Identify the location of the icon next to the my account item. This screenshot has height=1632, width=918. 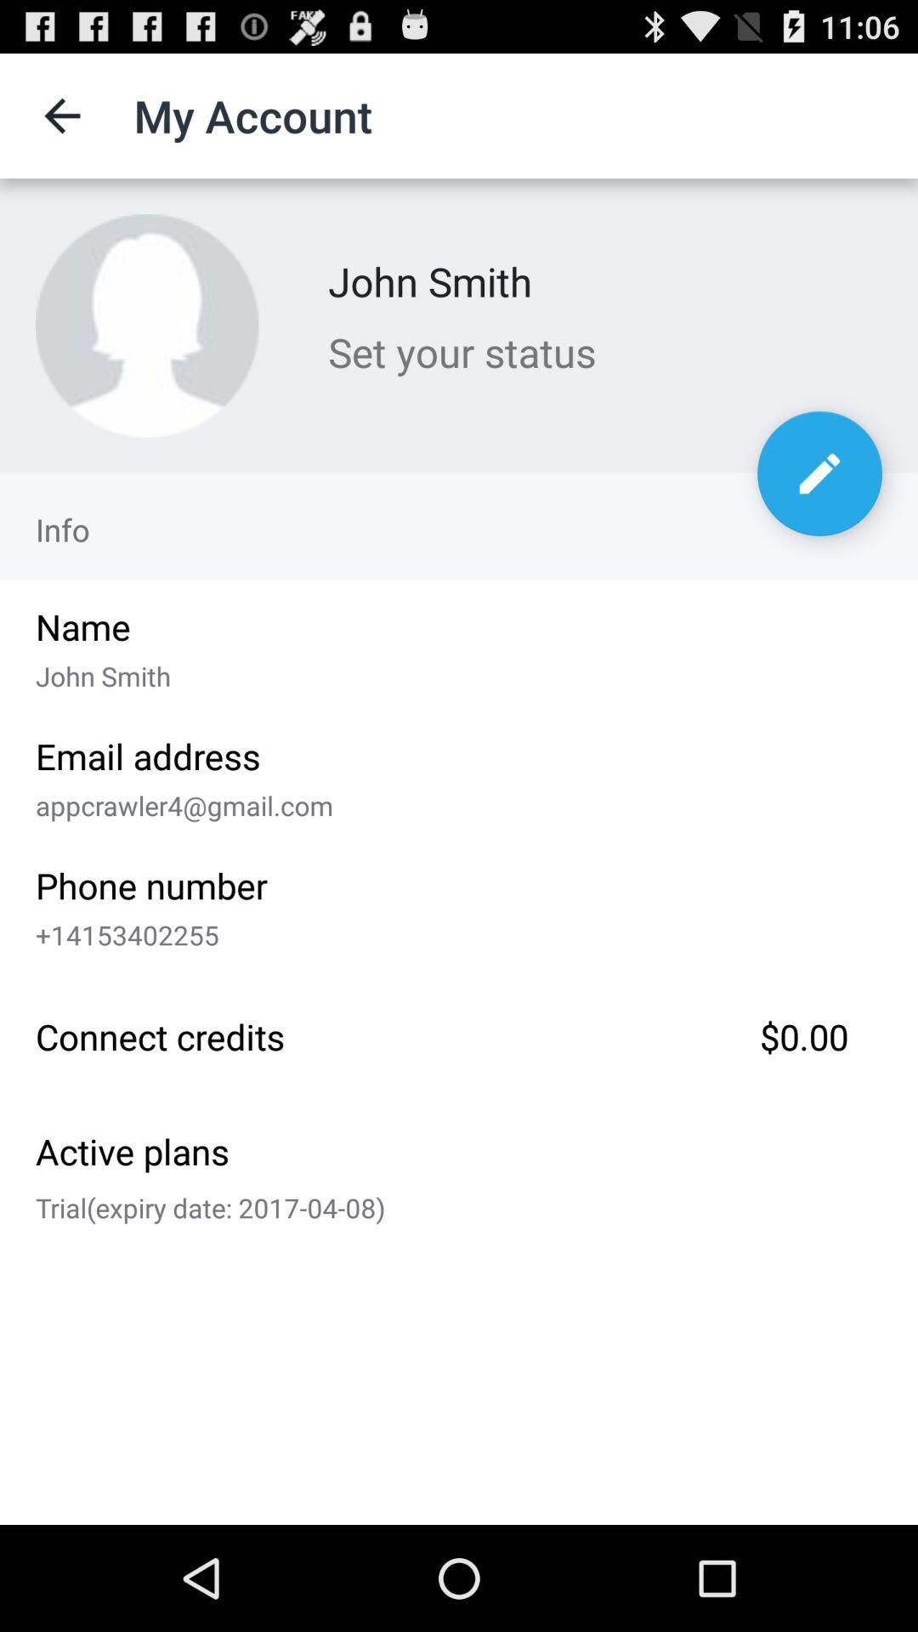
(61, 115).